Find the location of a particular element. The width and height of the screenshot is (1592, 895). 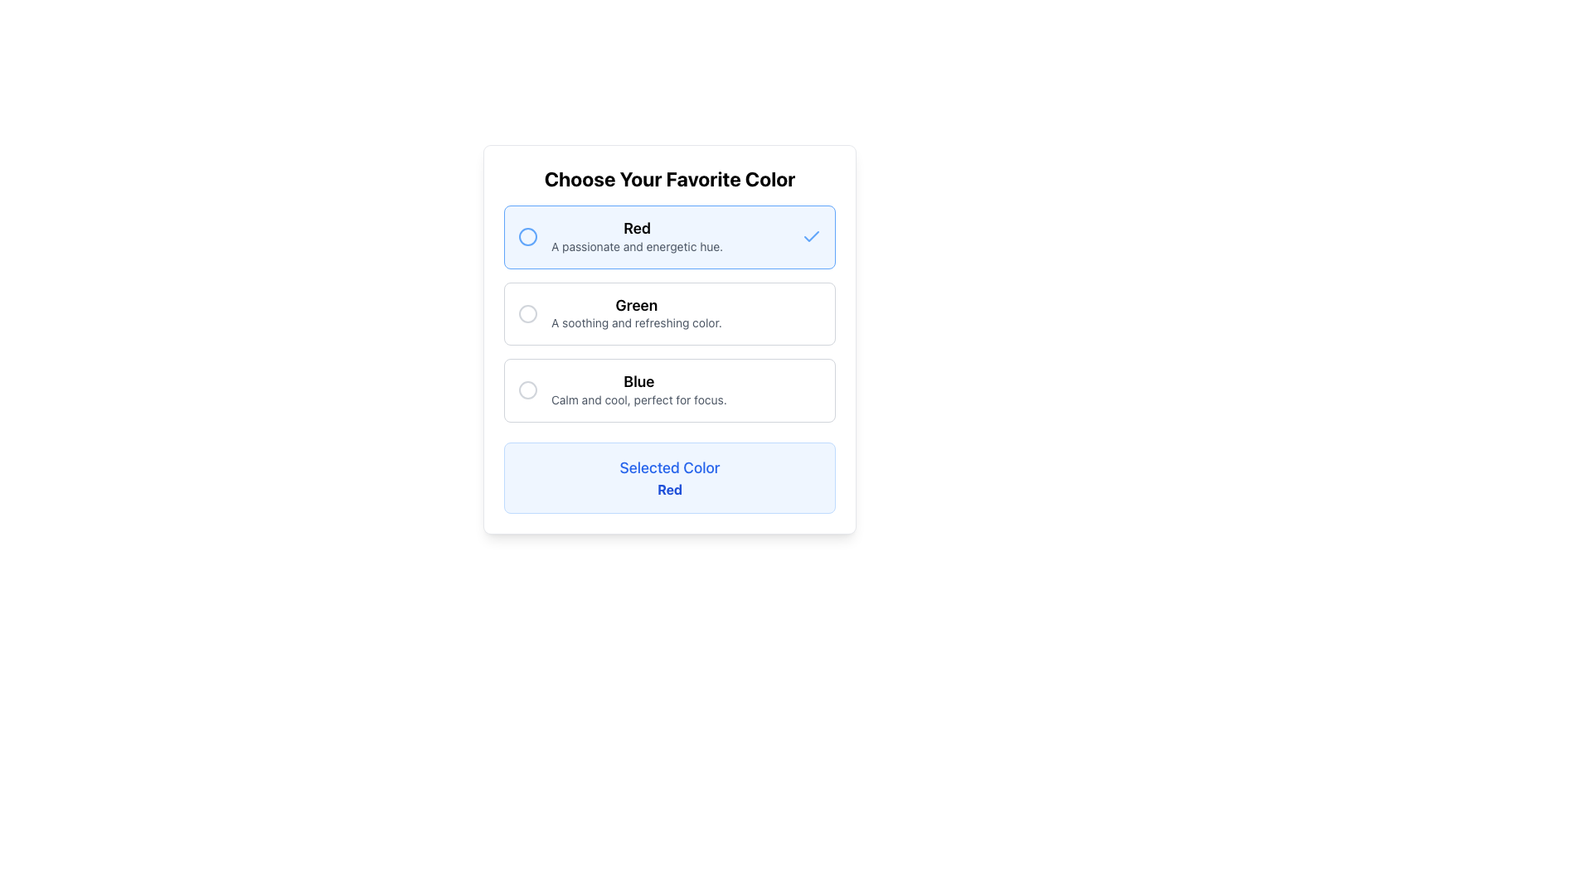

the blue check icon located at the end of the 'Red' row, which is aligned to the right-hand side of the row adjacent to its label is located at coordinates (812, 236).